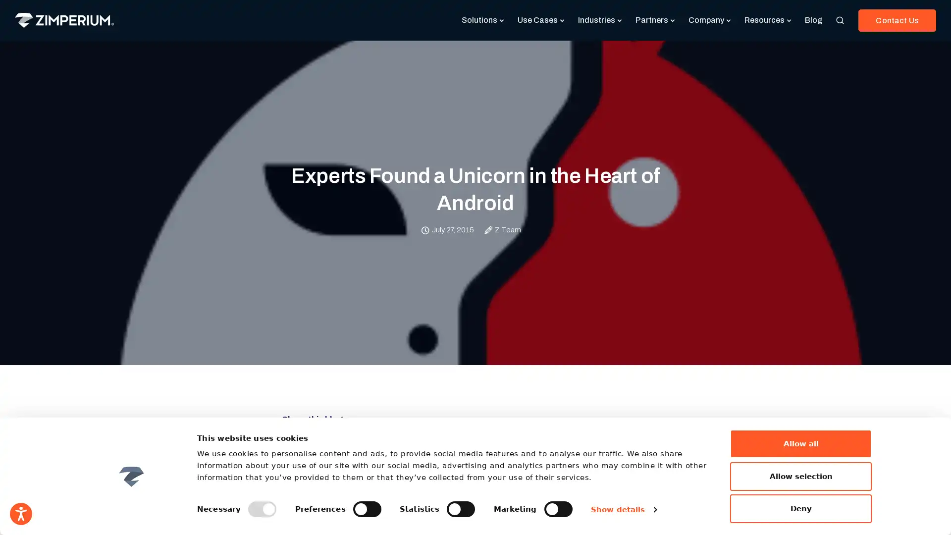  I want to click on Open accessibility options, statement and help, so click(21, 513).